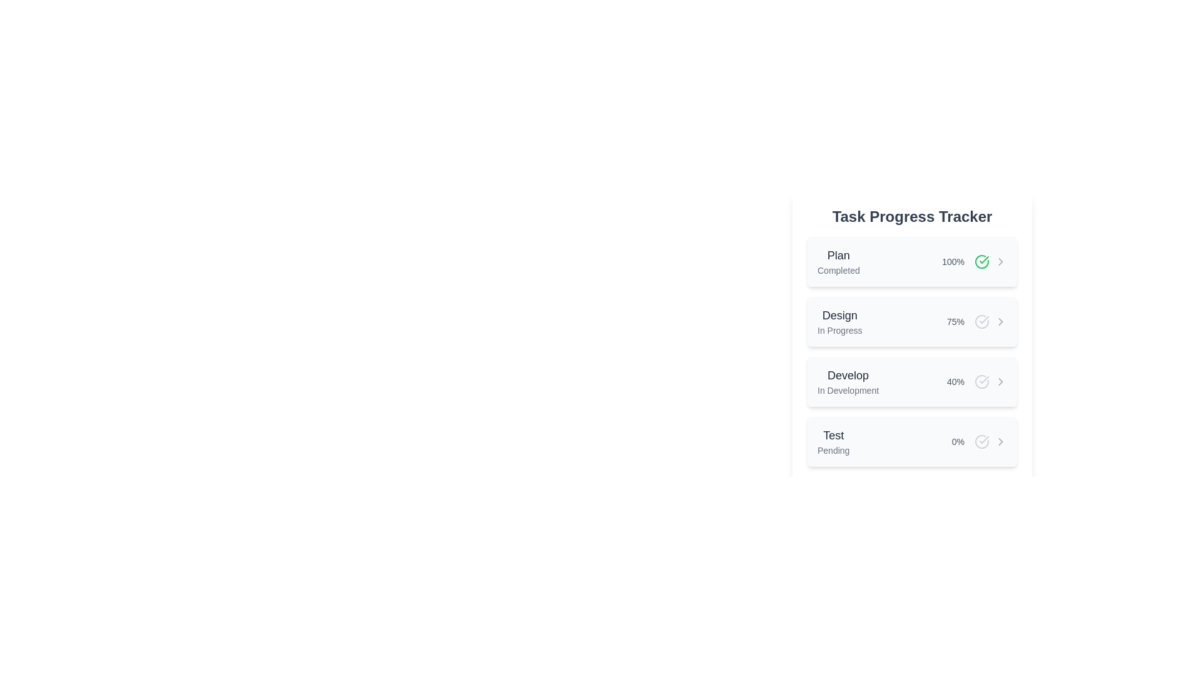 The width and height of the screenshot is (1201, 675). I want to click on the text label group indicating the task labeled 'Test' with the status 'Pending', located in the fourth position of the task list section, so click(833, 441).